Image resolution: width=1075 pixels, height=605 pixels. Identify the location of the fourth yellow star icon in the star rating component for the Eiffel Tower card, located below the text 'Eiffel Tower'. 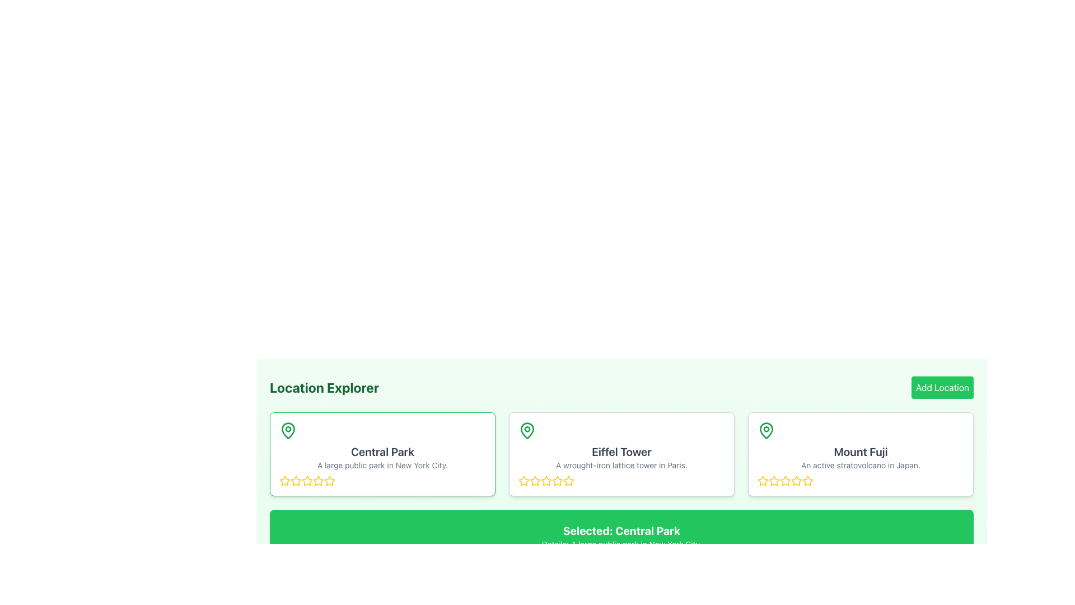
(569, 481).